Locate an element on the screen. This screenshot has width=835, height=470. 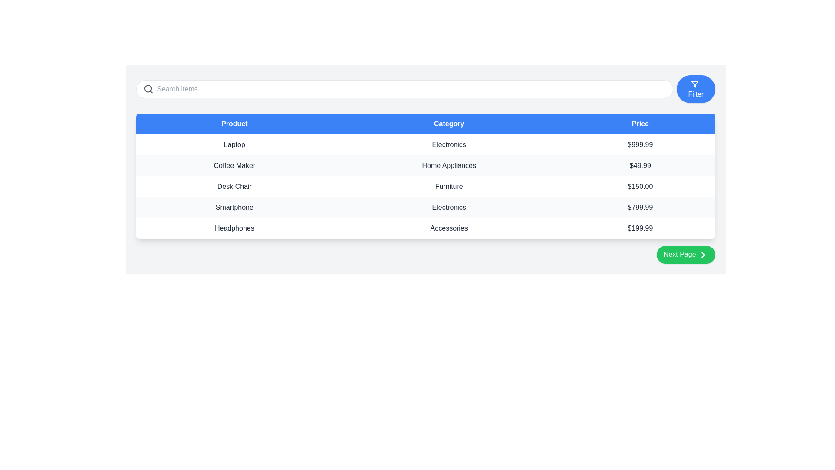
the third table row representing the product 'Desk Chair' with category 'Furniture' and price '$150.00' is located at coordinates (426, 186).